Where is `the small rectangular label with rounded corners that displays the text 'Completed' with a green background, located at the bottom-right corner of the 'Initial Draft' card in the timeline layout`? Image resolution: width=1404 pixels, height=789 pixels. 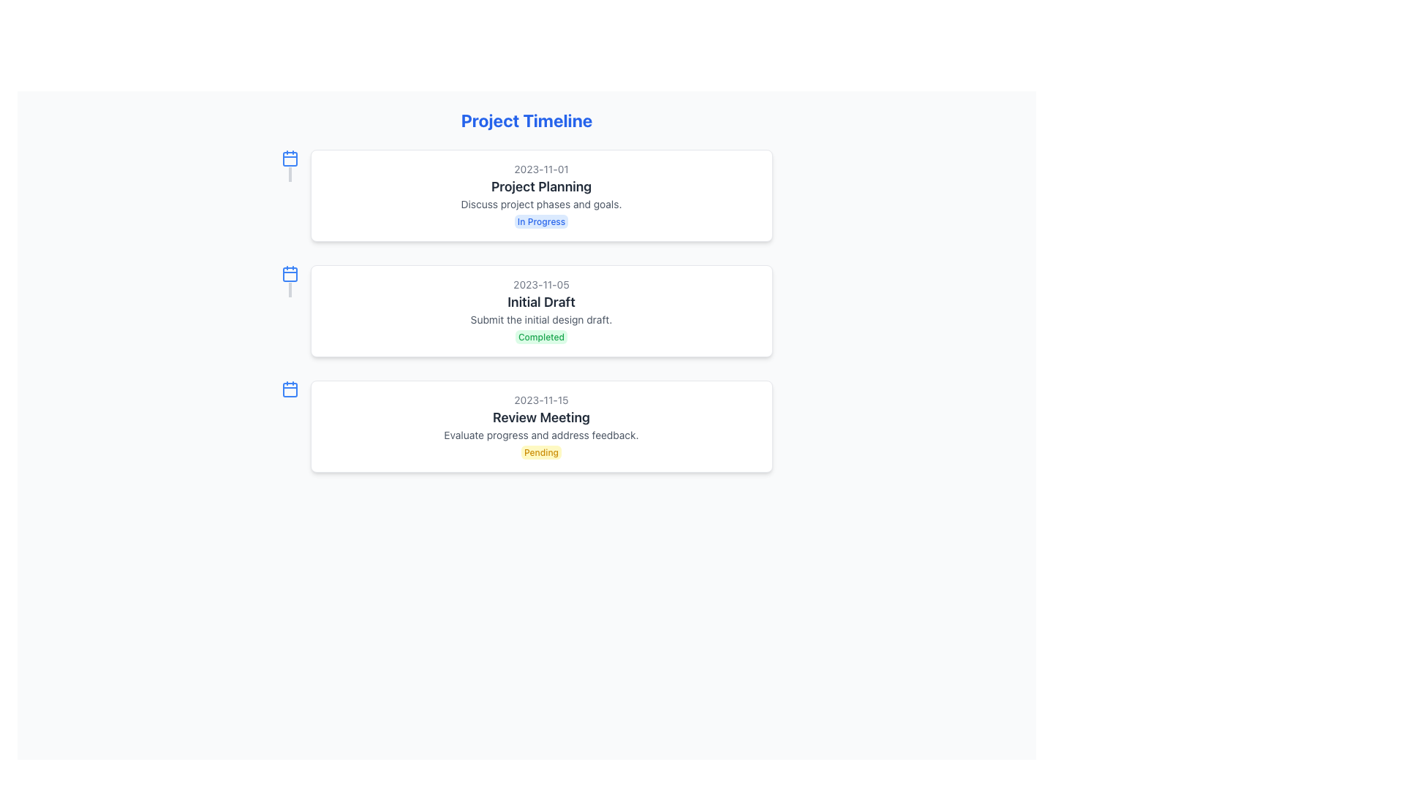 the small rectangular label with rounded corners that displays the text 'Completed' with a green background, located at the bottom-right corner of the 'Initial Draft' card in the timeline layout is located at coordinates (540, 337).